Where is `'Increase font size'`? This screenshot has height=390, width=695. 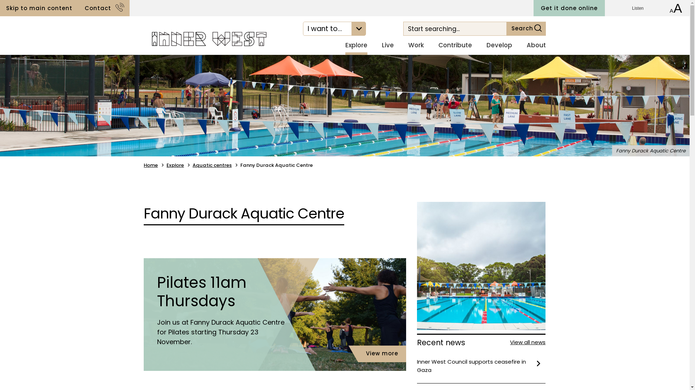
'Increase font size' is located at coordinates (677, 8).